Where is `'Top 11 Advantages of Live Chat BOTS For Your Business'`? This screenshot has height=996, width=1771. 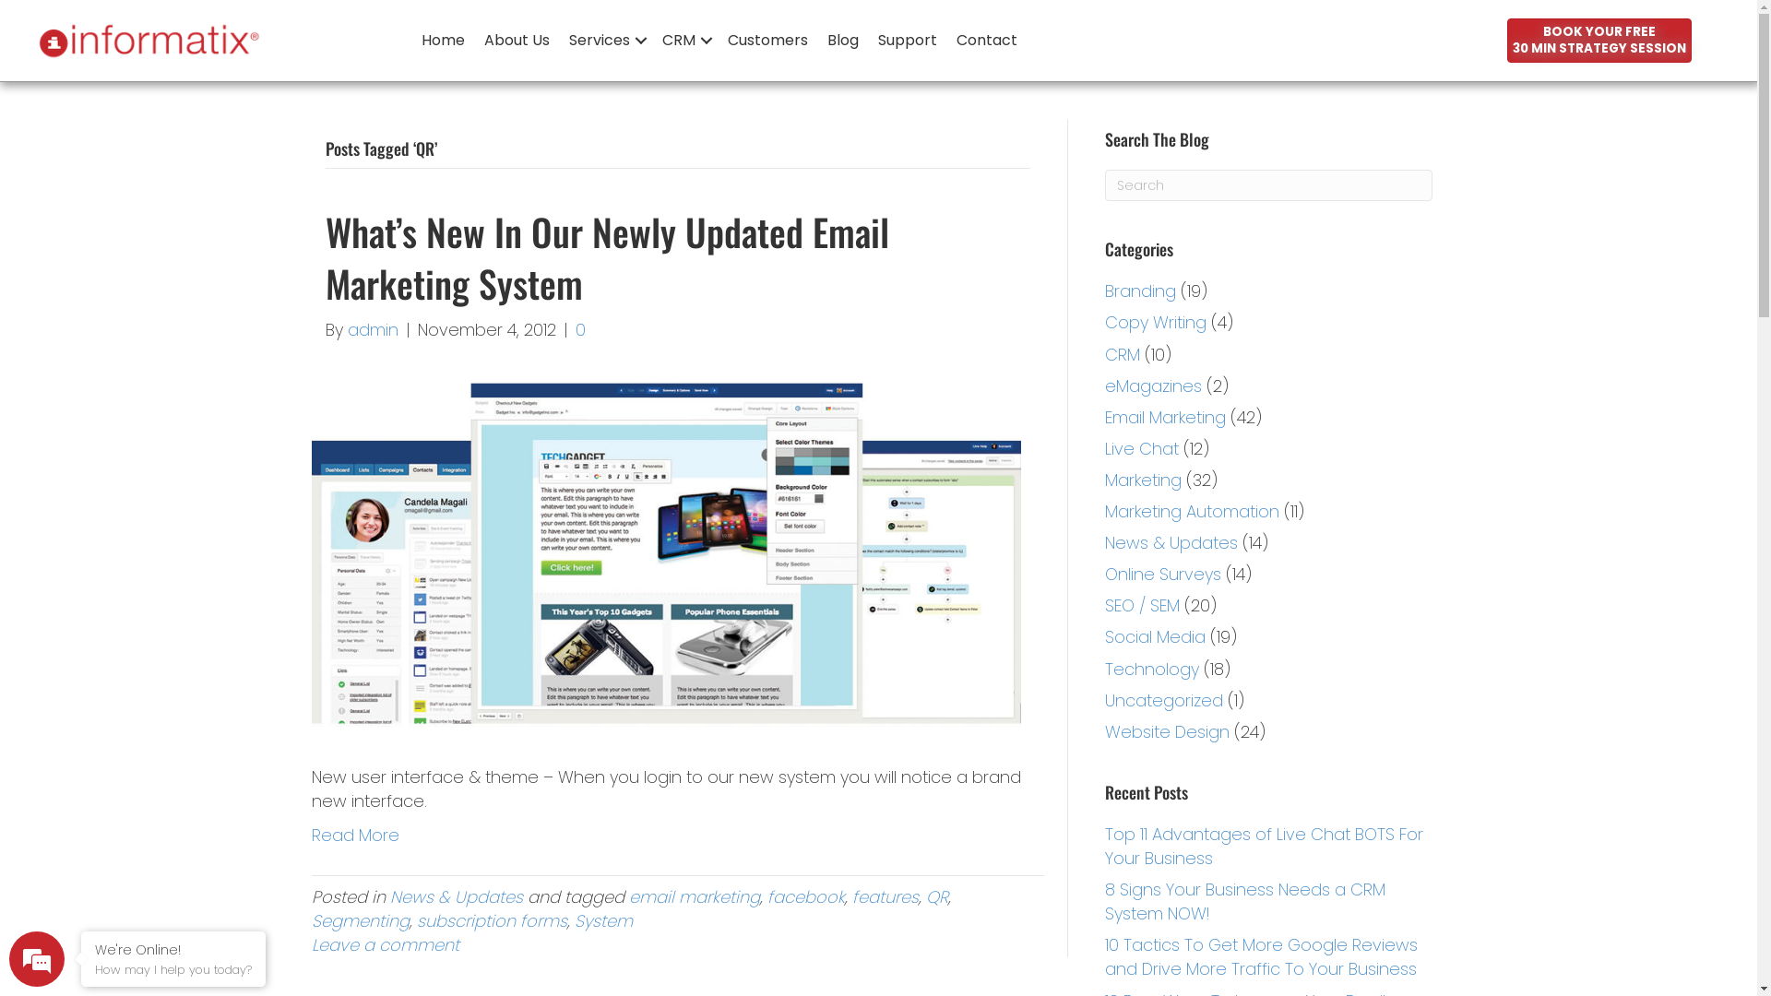
'Top 11 Advantages of Live Chat BOTS For Your Business' is located at coordinates (1263, 846).